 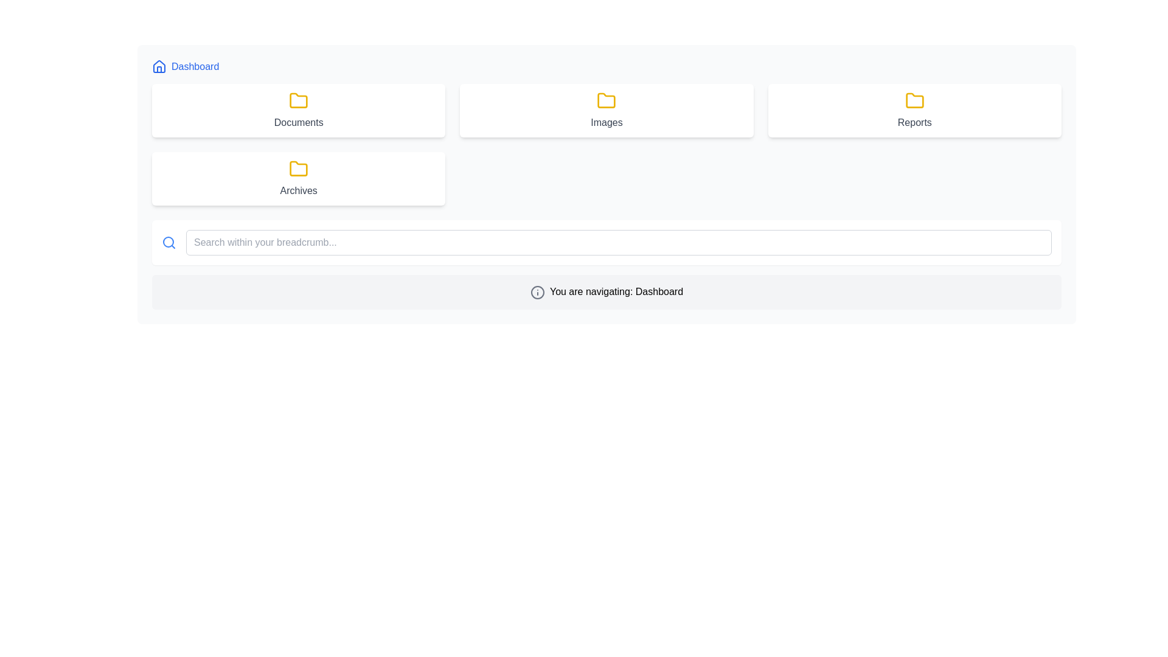 I want to click on the folder icon with a yellow outline located in the fourth card labeled 'Reports', so click(x=914, y=100).